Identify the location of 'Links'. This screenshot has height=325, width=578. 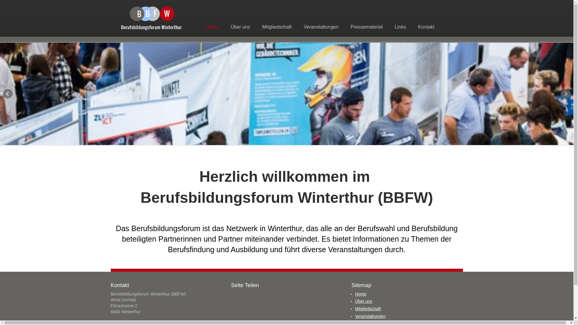
(400, 26).